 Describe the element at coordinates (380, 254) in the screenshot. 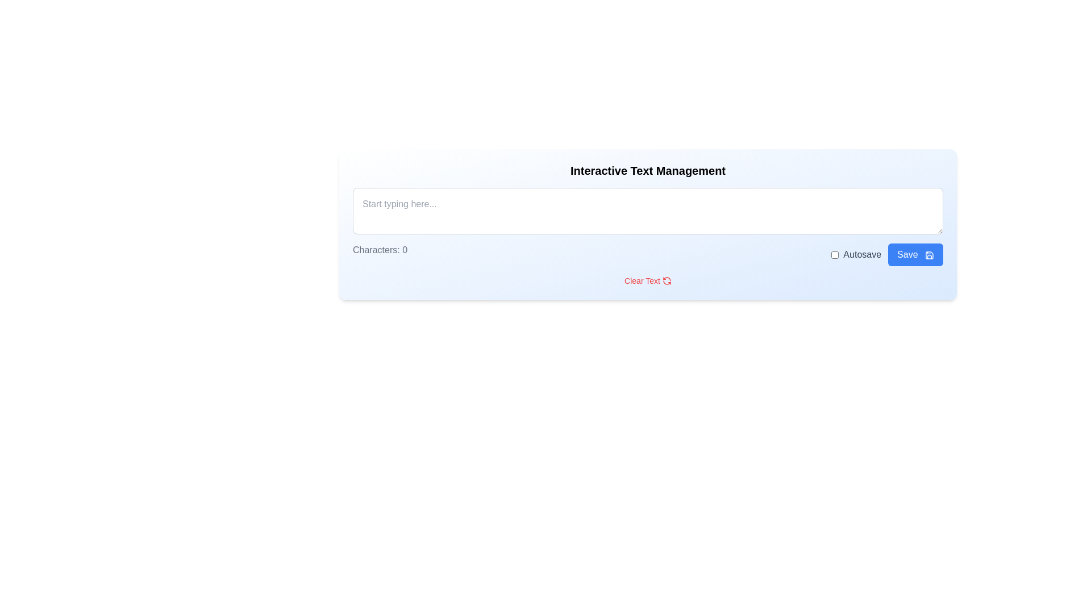

I see `the static text label displaying 'Characters: 0' which is aligned to the left at the bottom of the text input field` at that location.